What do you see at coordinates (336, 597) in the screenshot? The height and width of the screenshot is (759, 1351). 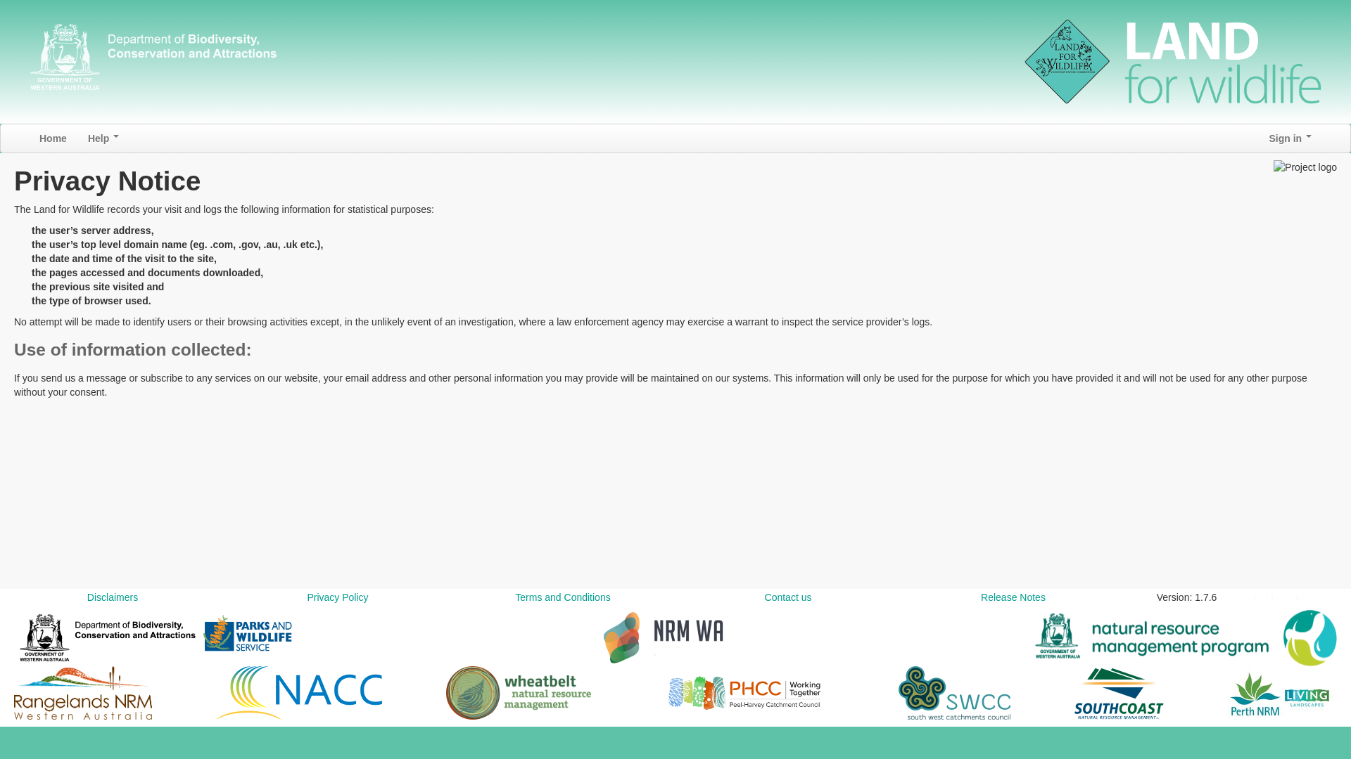 I see `'Privacy Policy'` at bounding box center [336, 597].